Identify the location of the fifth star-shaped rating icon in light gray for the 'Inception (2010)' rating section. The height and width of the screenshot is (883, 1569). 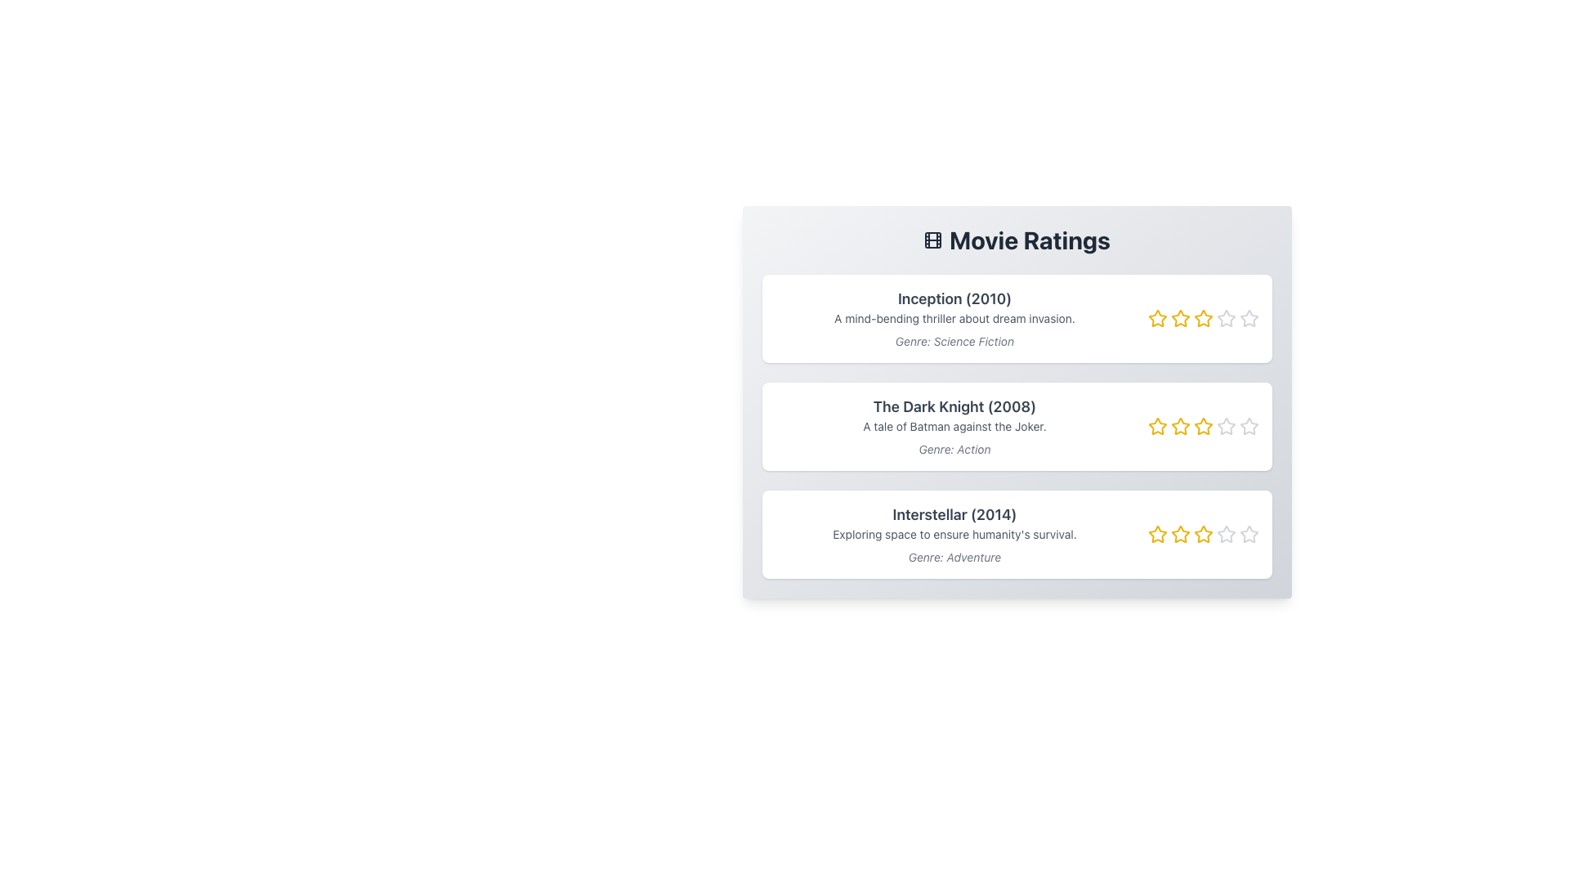
(1226, 318).